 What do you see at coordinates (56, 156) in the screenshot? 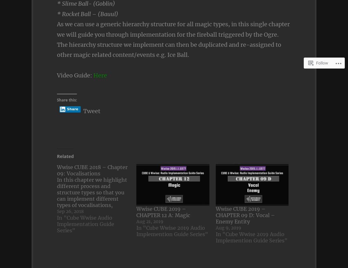
I see `'Related'` at bounding box center [56, 156].